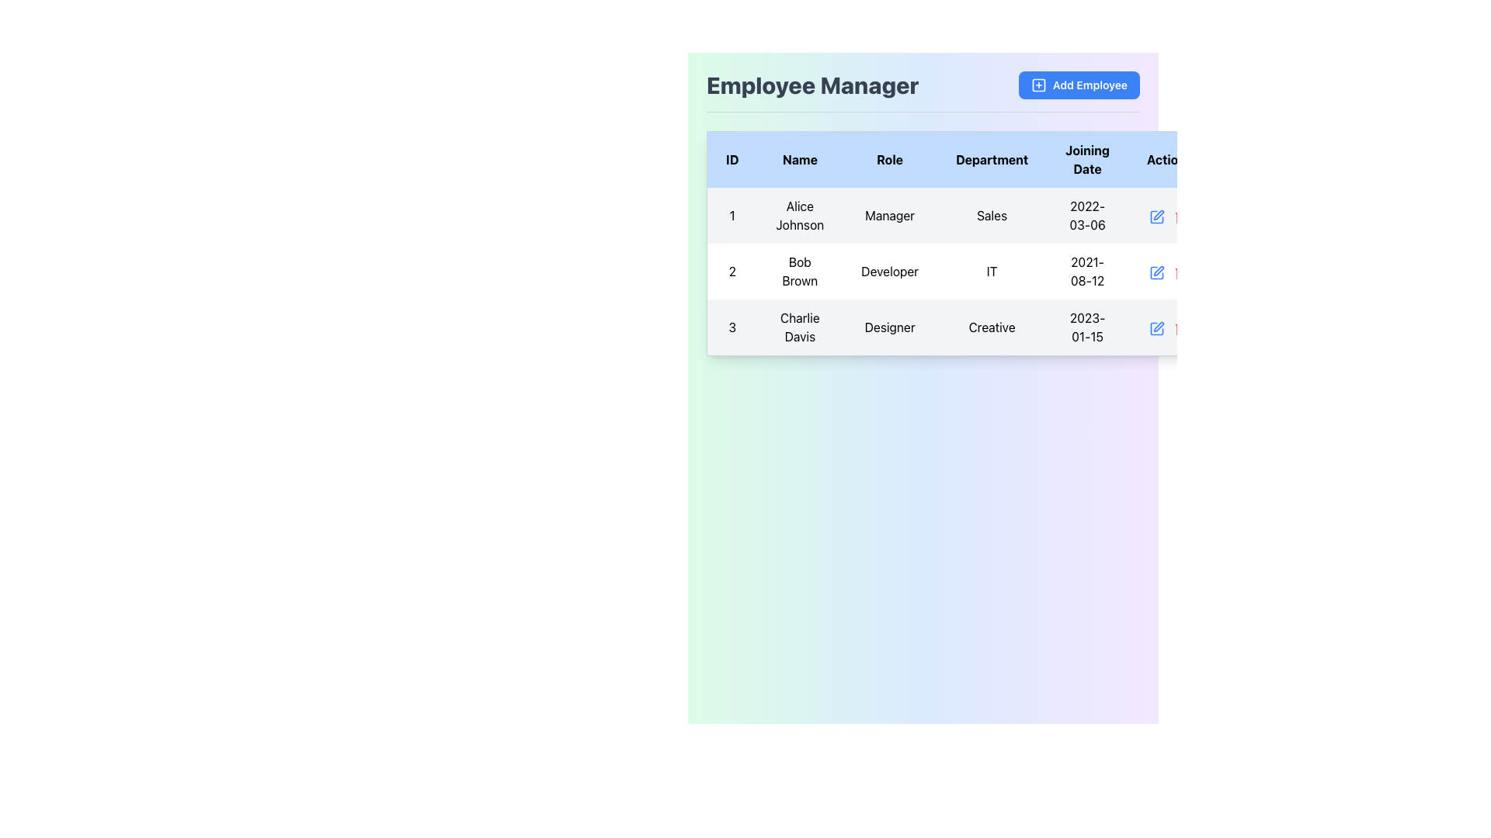  I want to click on the red trash icon button in the Actions column of the last row, so click(1181, 326).